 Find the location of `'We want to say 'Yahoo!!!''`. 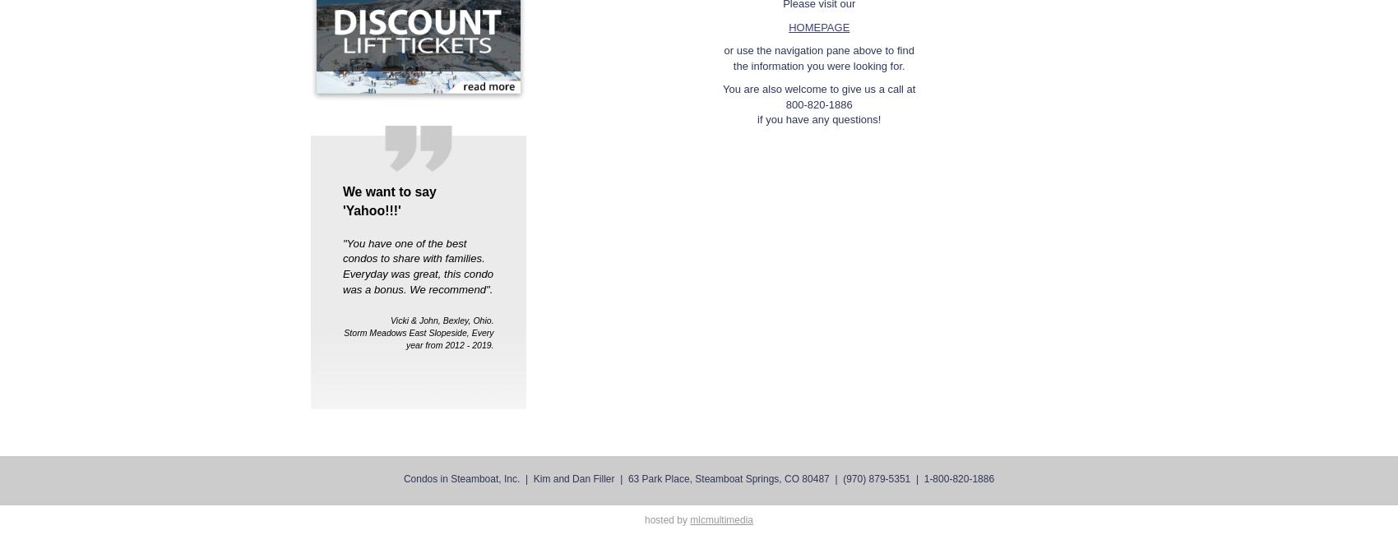

'We want to say 'Yahoo!!!'' is located at coordinates (388, 201).